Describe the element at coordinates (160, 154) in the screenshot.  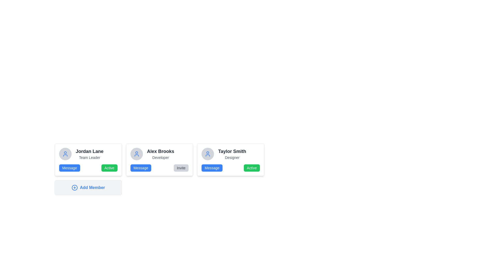
I see `the textual label displaying 'Alex Brooks' and their role 'Developer'` at that location.